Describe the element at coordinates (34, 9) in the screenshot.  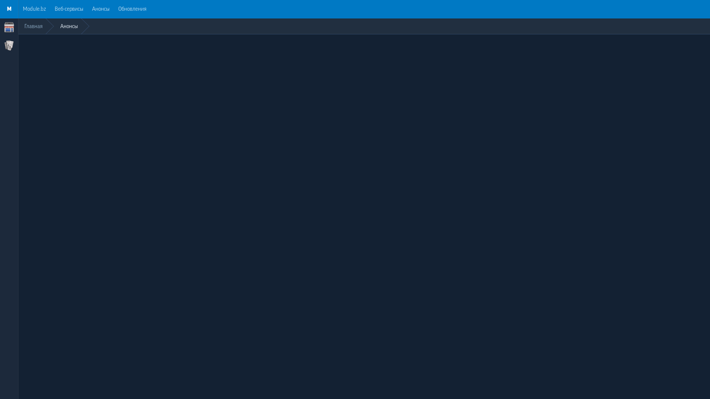
I see `'Module.bz'` at that location.